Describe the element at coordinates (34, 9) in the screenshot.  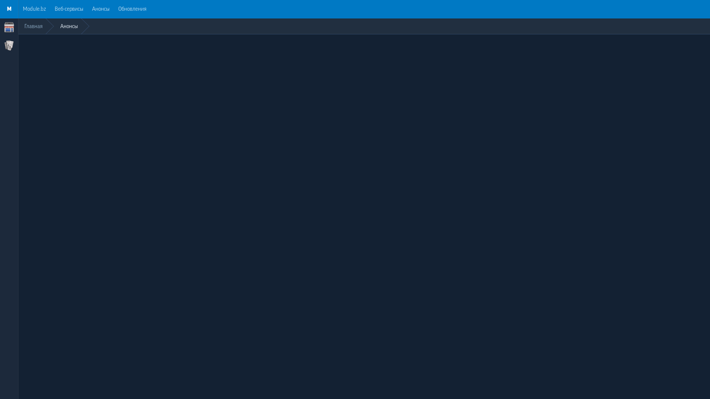
I see `'Module.bz'` at that location.